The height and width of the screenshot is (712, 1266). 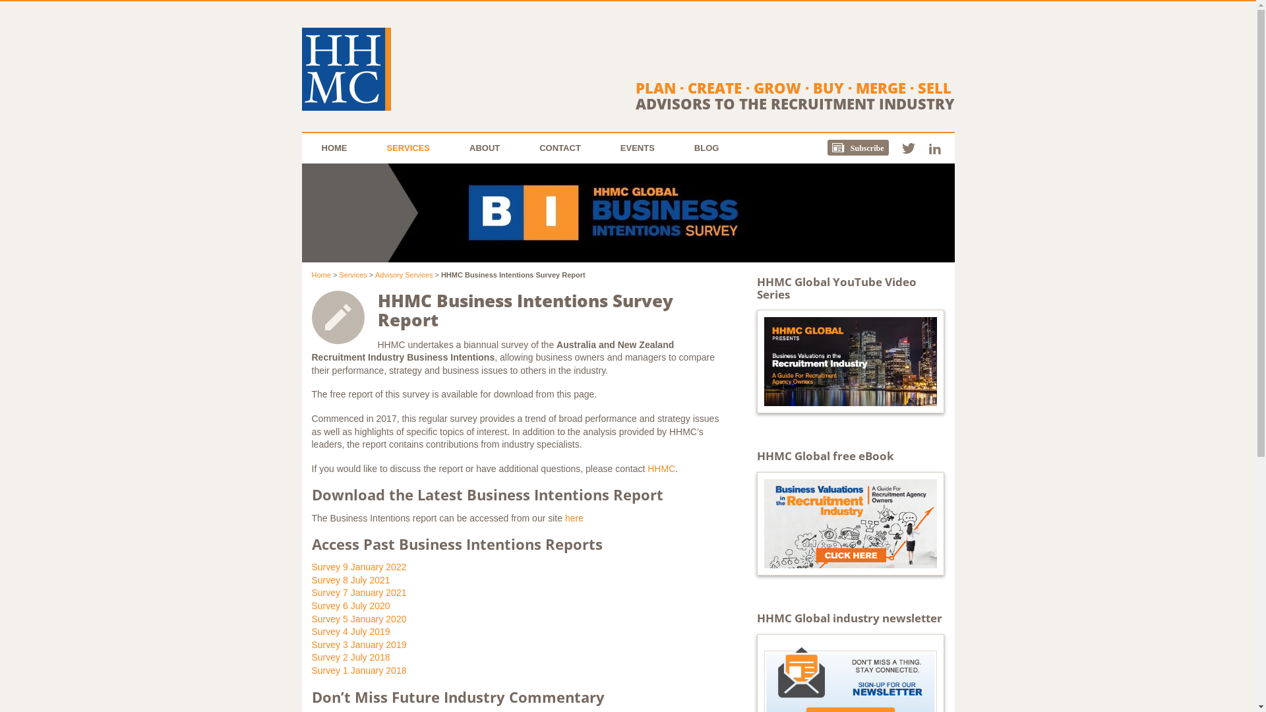 I want to click on 'Survey 1 January 2018', so click(x=358, y=670).